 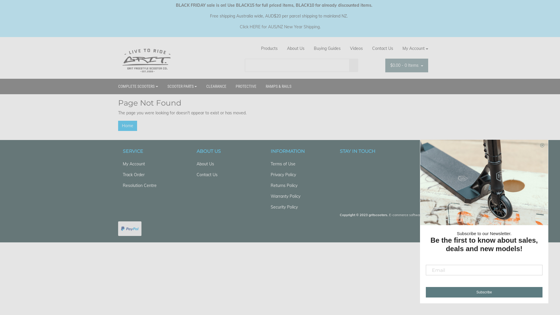 What do you see at coordinates (216, 86) in the screenshot?
I see `'CLEARANCE'` at bounding box center [216, 86].